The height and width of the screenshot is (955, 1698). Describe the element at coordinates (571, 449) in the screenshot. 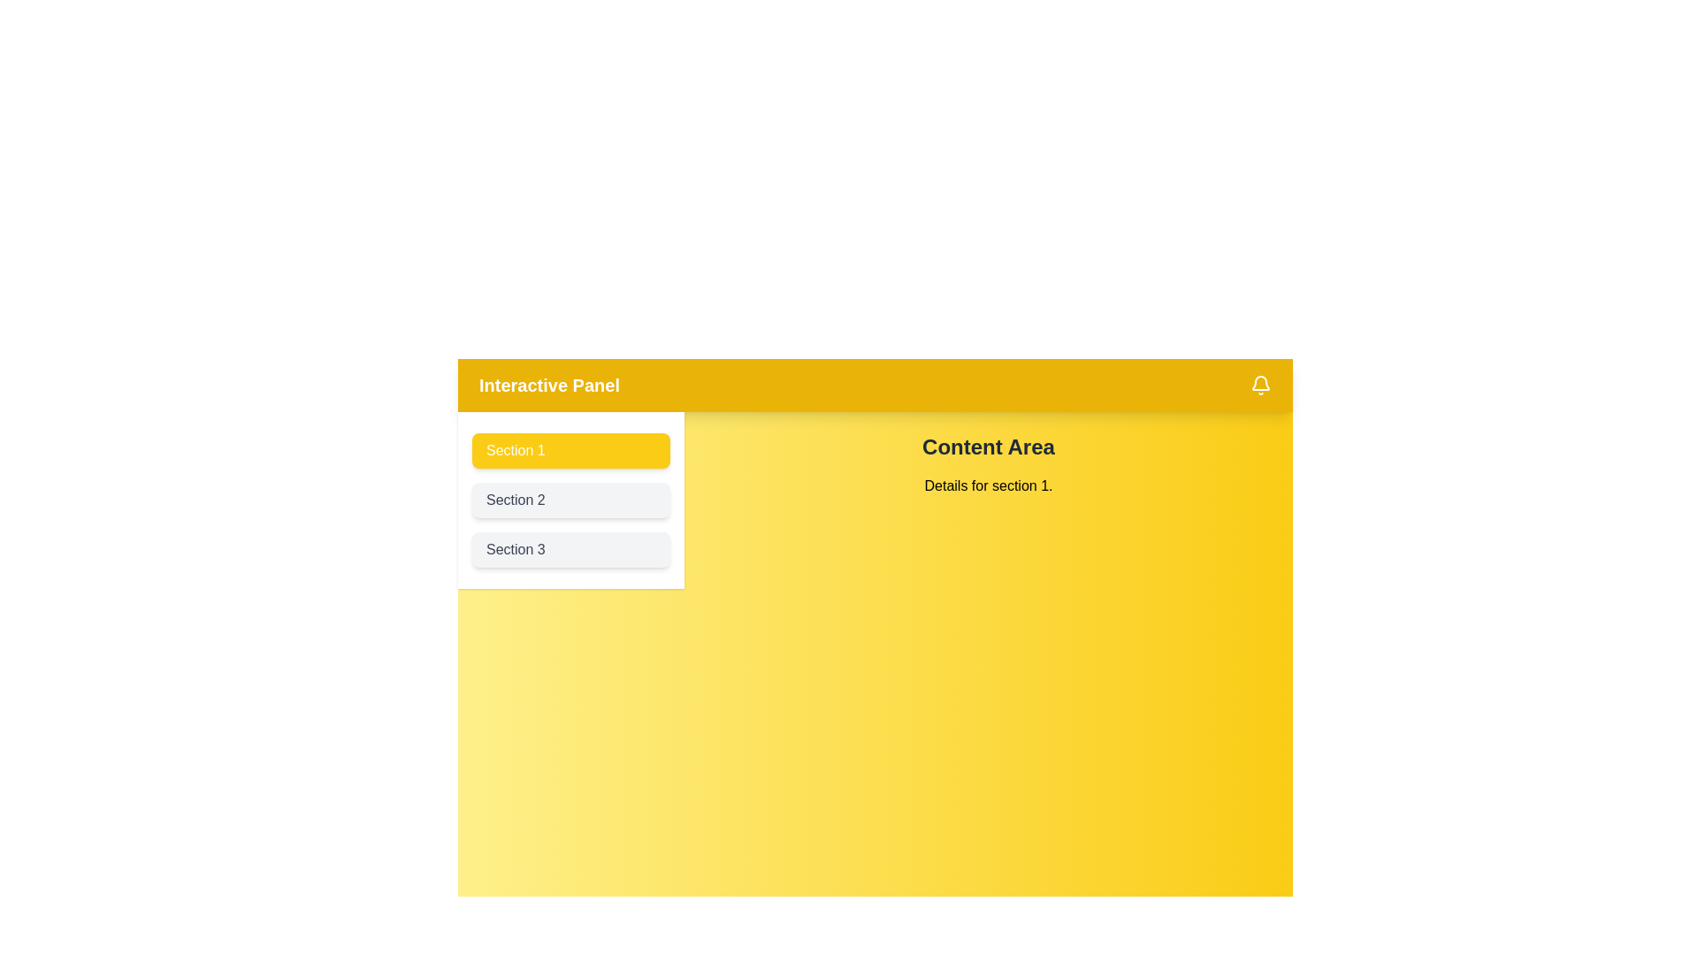

I see `the first button in the vertical list labeled 'Section 1' with a bright yellow background` at that location.